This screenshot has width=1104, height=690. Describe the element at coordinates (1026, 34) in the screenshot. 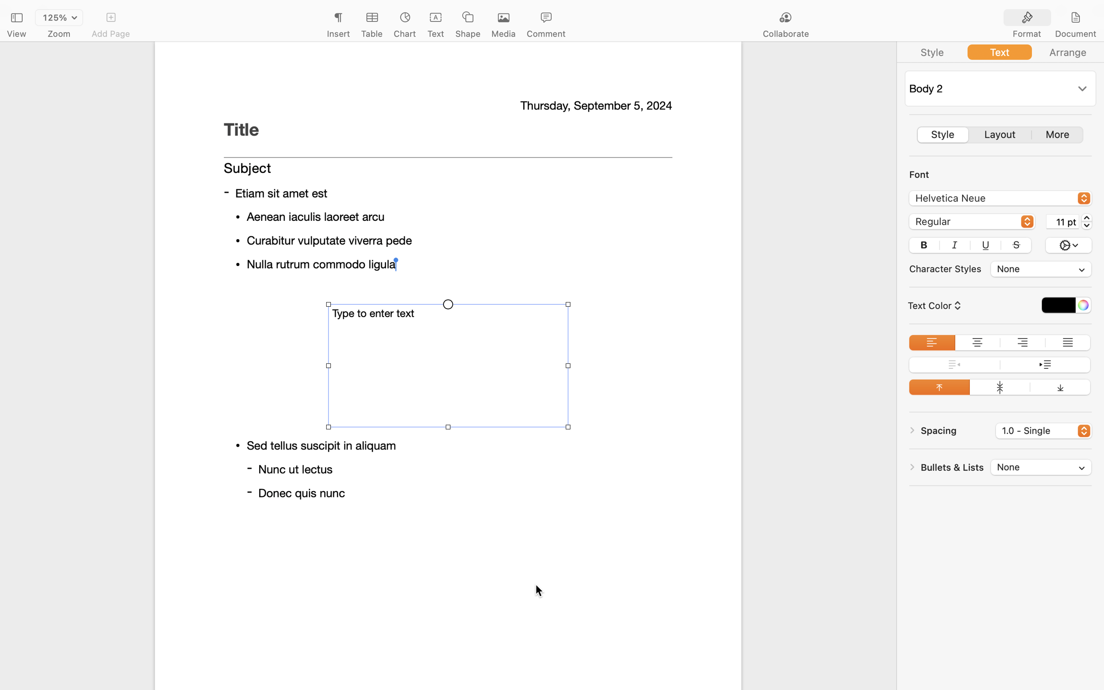

I see `'Format'` at that location.